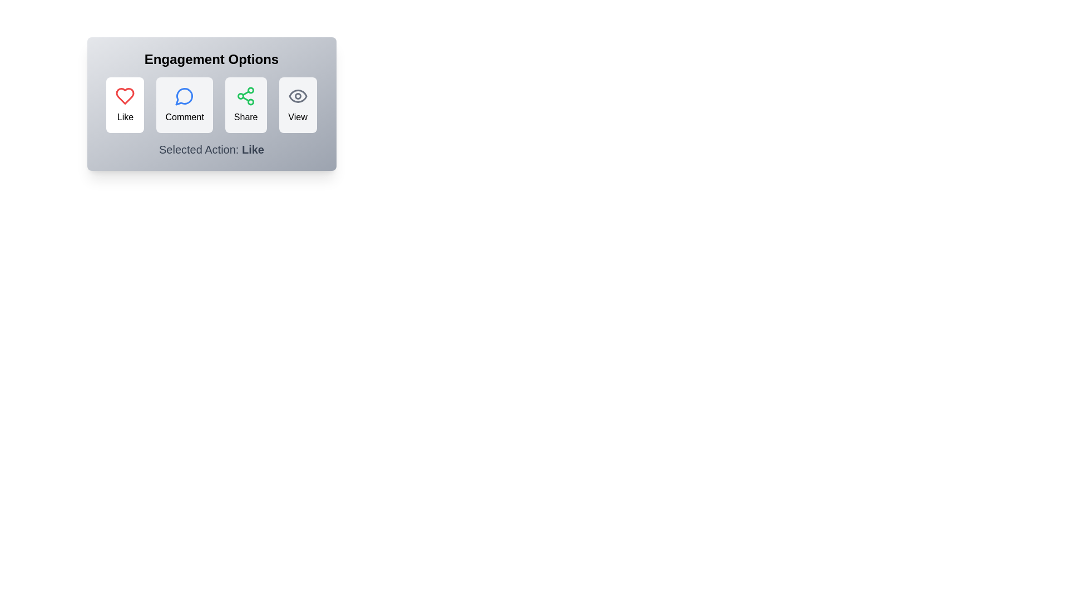 The height and width of the screenshot is (601, 1068). I want to click on the View button to select it, so click(298, 105).